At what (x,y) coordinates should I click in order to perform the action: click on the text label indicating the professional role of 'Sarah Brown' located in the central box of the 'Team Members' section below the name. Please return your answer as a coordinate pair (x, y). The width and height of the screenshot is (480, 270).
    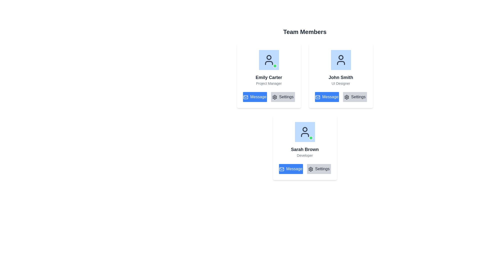
    Looking at the image, I should click on (304, 155).